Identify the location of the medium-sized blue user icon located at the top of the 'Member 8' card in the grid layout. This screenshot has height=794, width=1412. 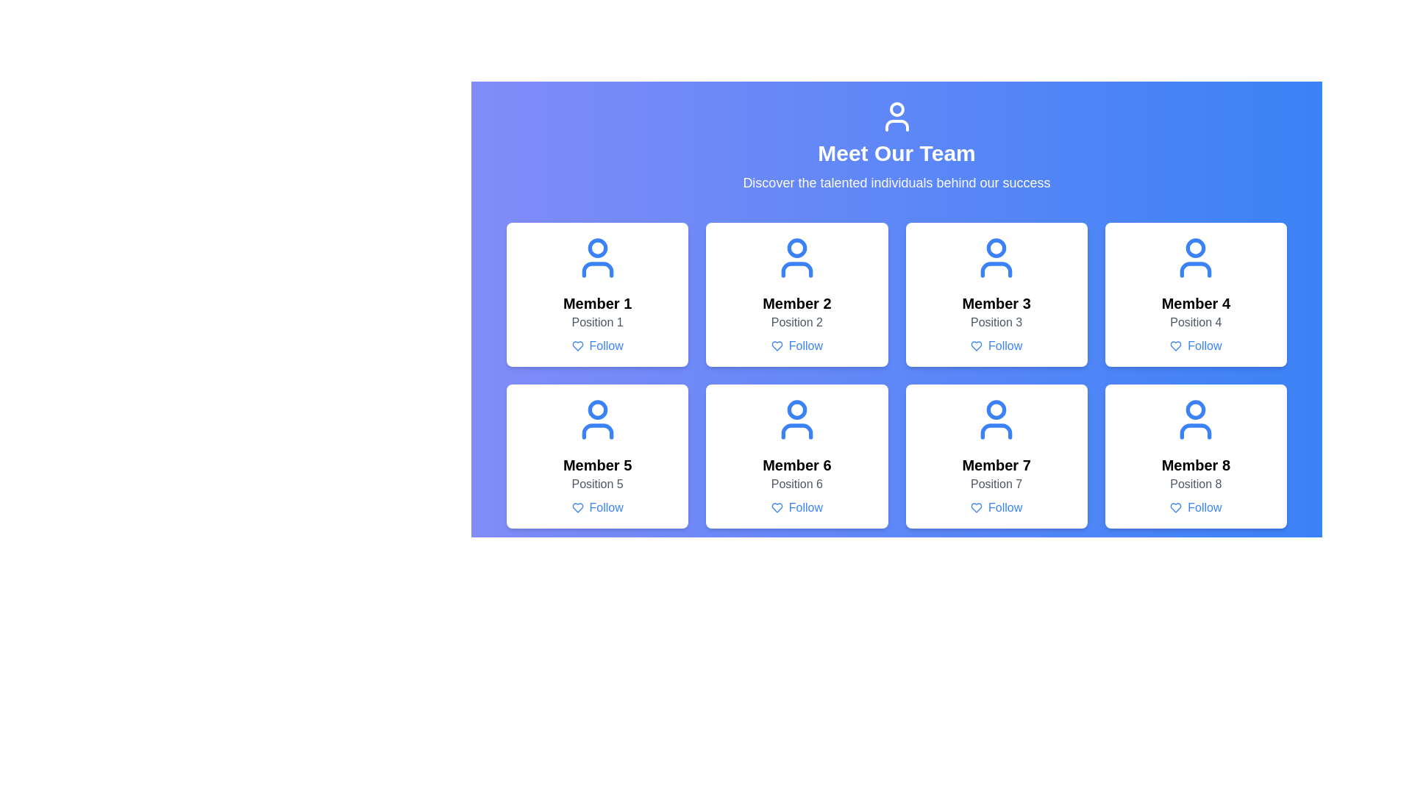
(1196, 419).